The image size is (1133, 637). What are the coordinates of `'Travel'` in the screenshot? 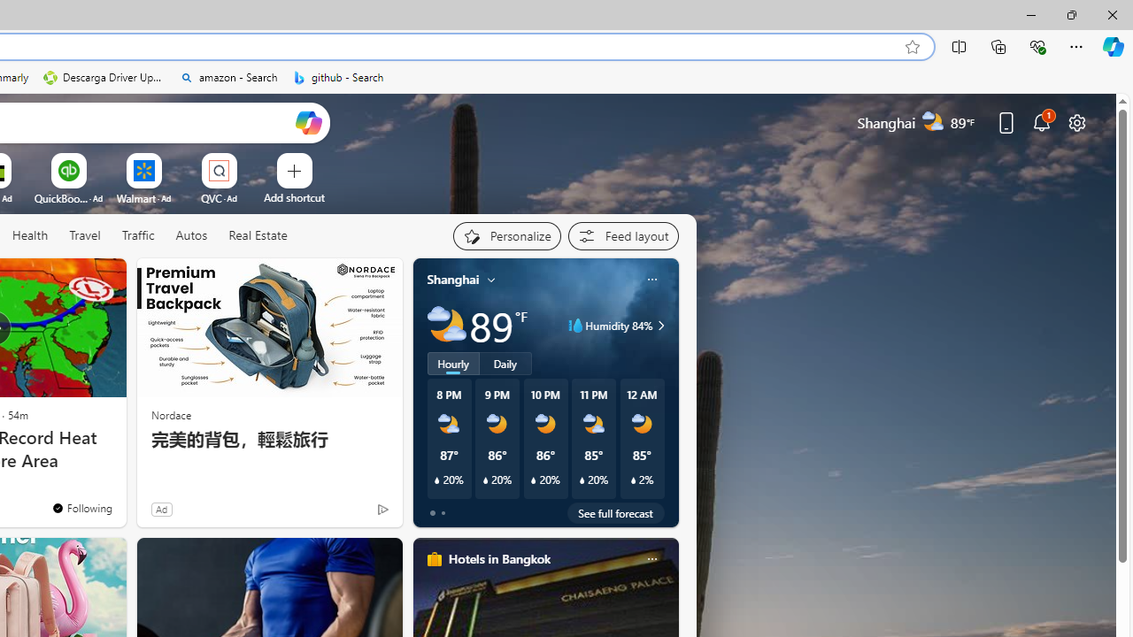 It's located at (84, 235).